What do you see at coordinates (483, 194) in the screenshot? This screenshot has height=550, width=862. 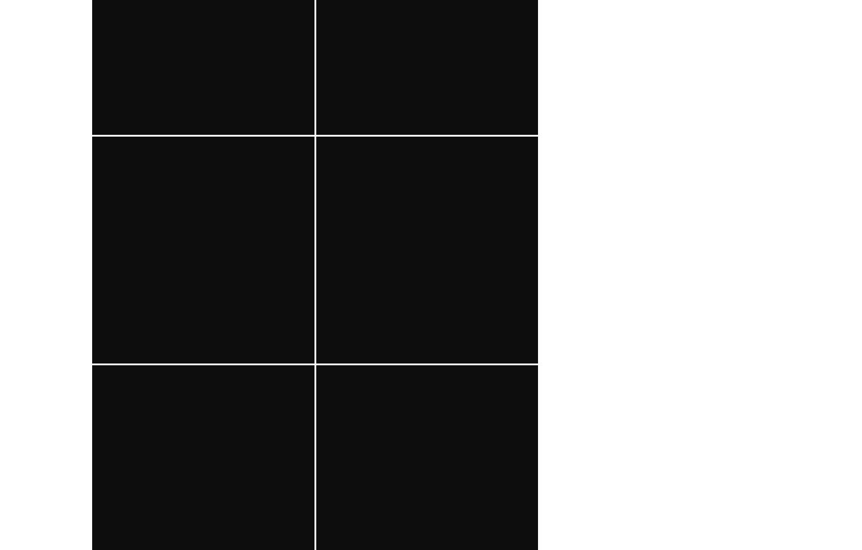 I see `'April 2, 2019'` at bounding box center [483, 194].